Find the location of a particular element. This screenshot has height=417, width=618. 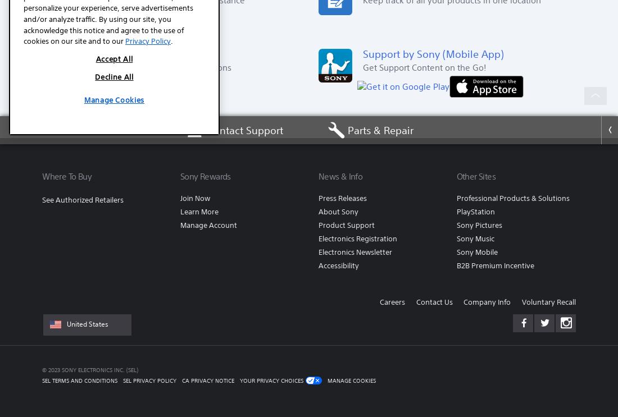

'SEL TERMS AND CONDITIONS' is located at coordinates (79, 379).